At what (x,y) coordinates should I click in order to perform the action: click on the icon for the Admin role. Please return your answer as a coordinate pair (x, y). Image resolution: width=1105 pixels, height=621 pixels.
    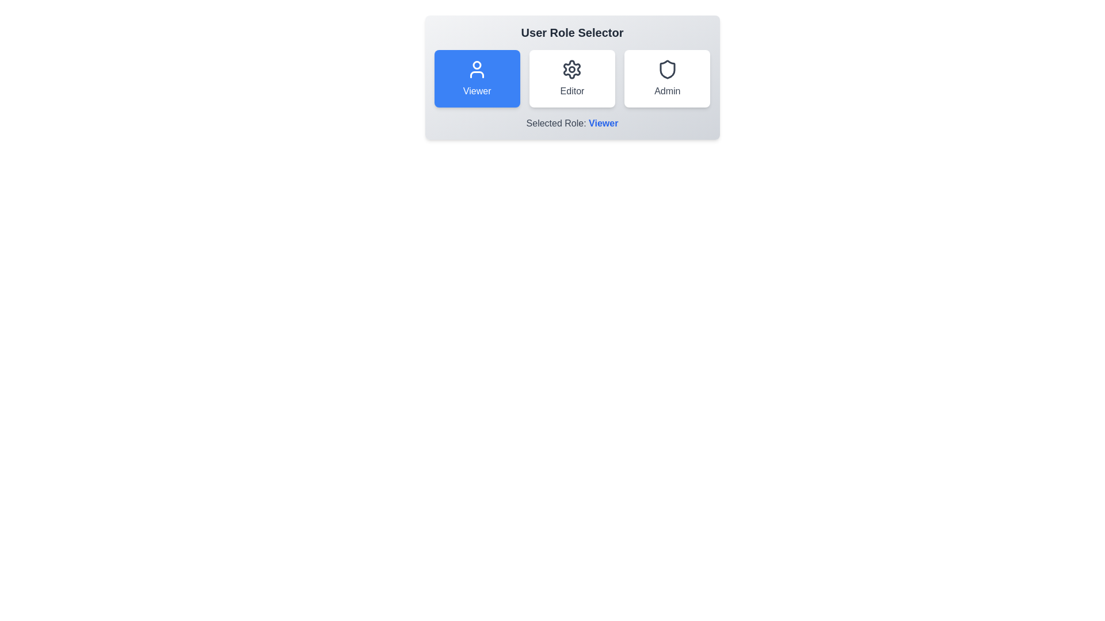
    Looking at the image, I should click on (666, 69).